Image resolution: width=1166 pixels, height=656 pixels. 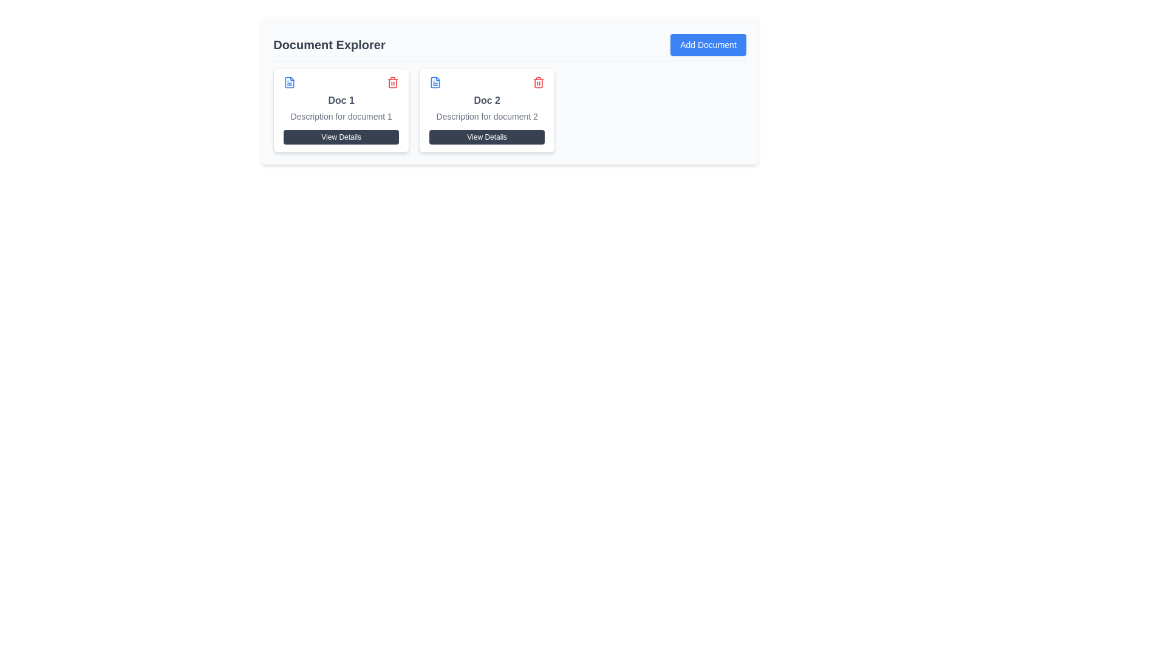 I want to click on the 'View Details' button with a blue-grey background and white text located at the bottom-center of the 'Doc 2' card, so click(x=487, y=137).